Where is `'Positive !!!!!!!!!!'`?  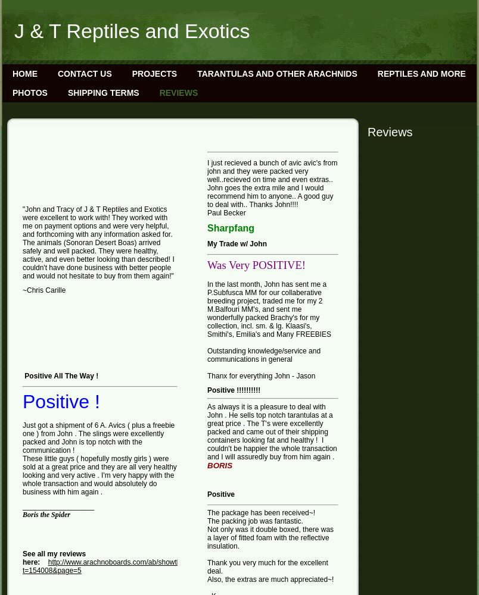 'Positive !!!!!!!!!!' is located at coordinates (233, 390).